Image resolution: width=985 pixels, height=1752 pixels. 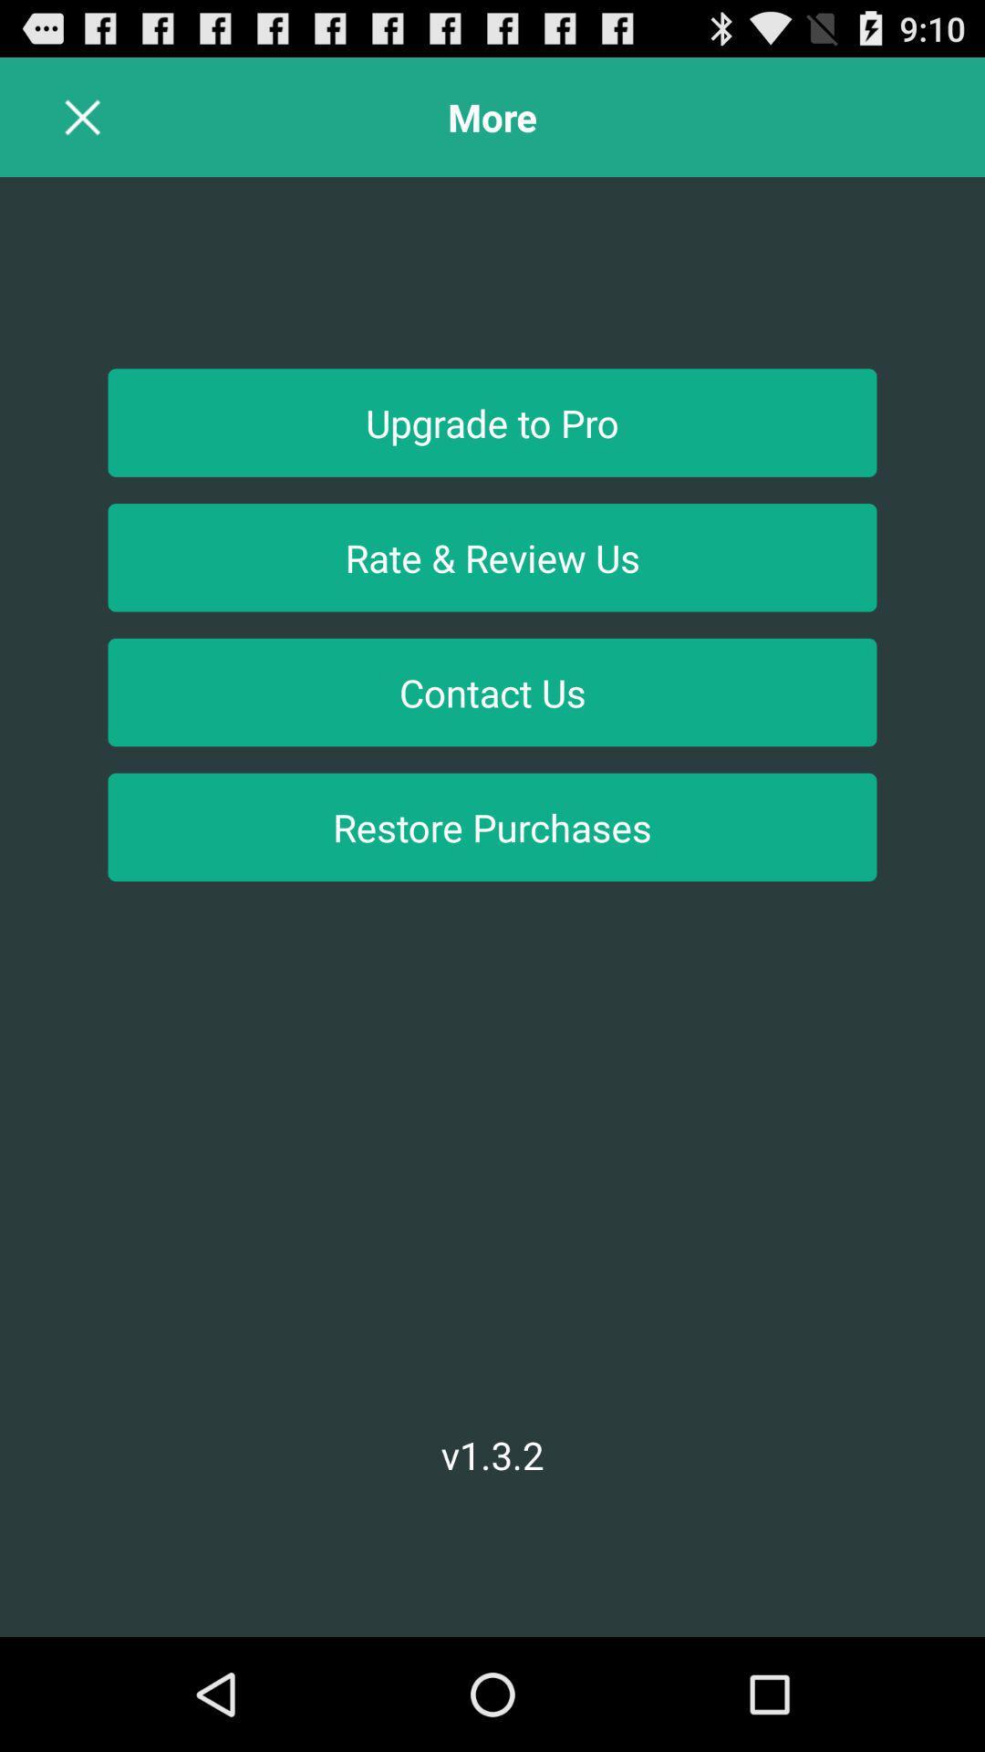 I want to click on contact us item, so click(x=493, y=691).